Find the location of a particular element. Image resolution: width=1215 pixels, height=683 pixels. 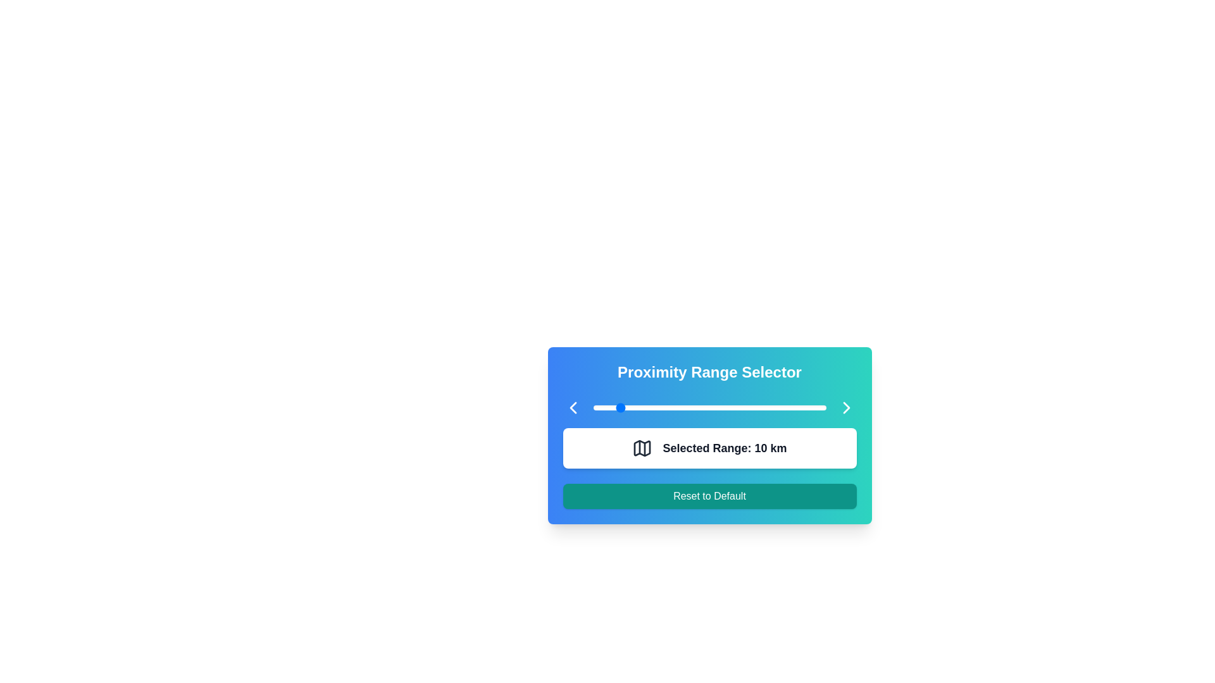

the proximity range is located at coordinates (726, 407).